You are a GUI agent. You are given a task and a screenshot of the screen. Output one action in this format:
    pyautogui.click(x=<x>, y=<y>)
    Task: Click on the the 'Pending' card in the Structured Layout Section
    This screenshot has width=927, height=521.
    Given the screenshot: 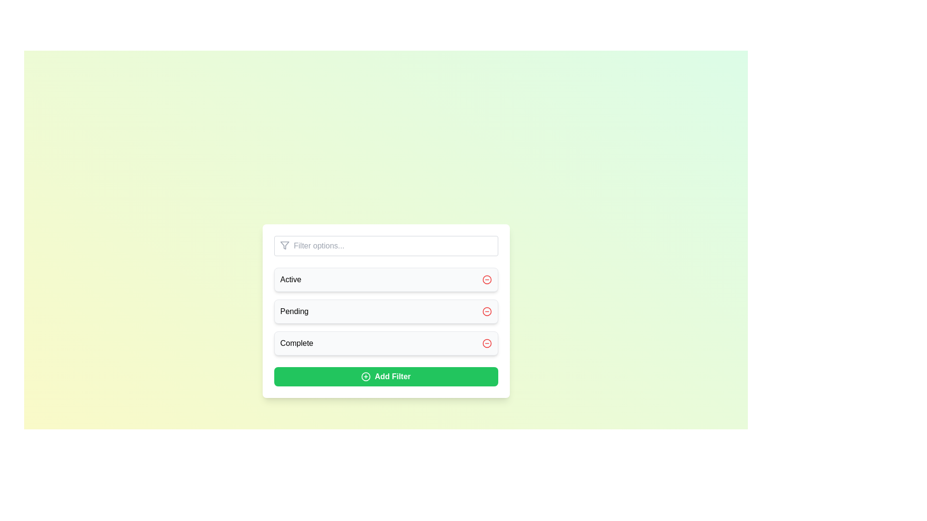 What is the action you would take?
    pyautogui.click(x=385, y=311)
    